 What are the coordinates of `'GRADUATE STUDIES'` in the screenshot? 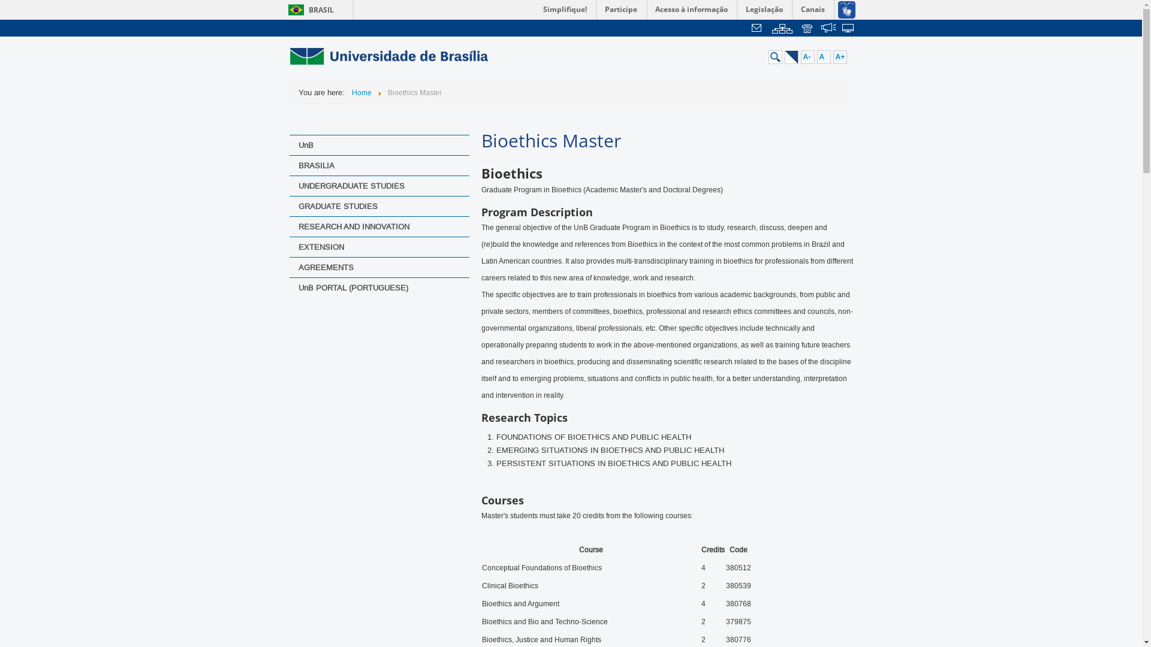 It's located at (378, 205).